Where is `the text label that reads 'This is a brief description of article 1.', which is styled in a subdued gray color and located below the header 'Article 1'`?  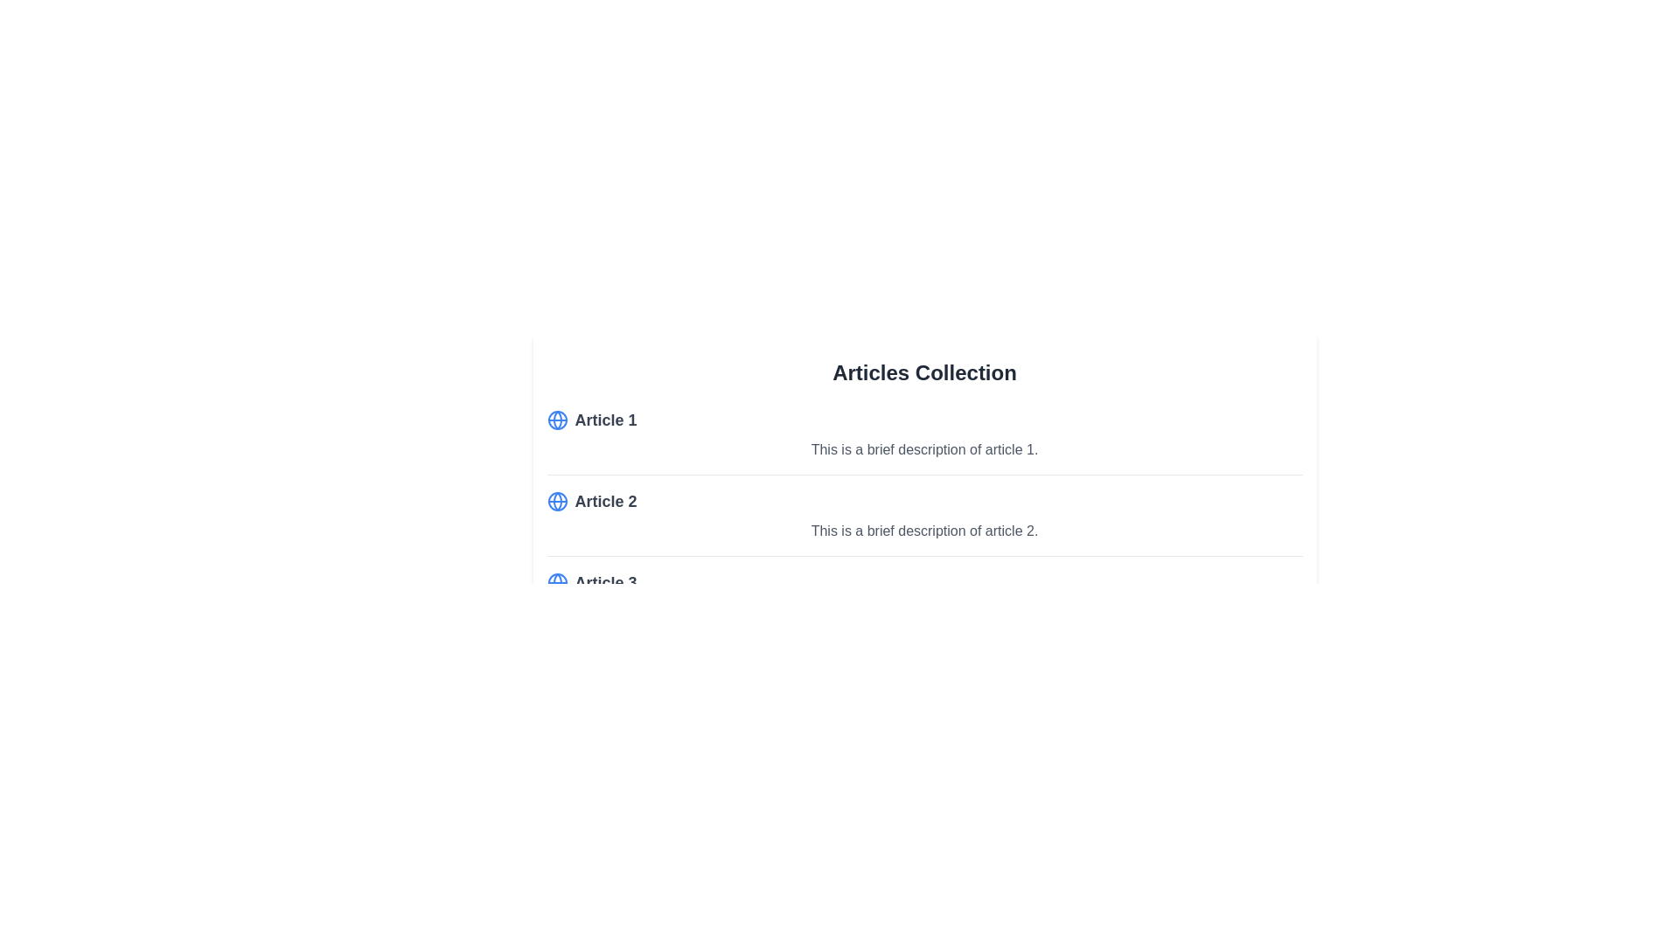
the text label that reads 'This is a brief description of article 1.', which is styled in a subdued gray color and located below the header 'Article 1' is located at coordinates (923, 449).